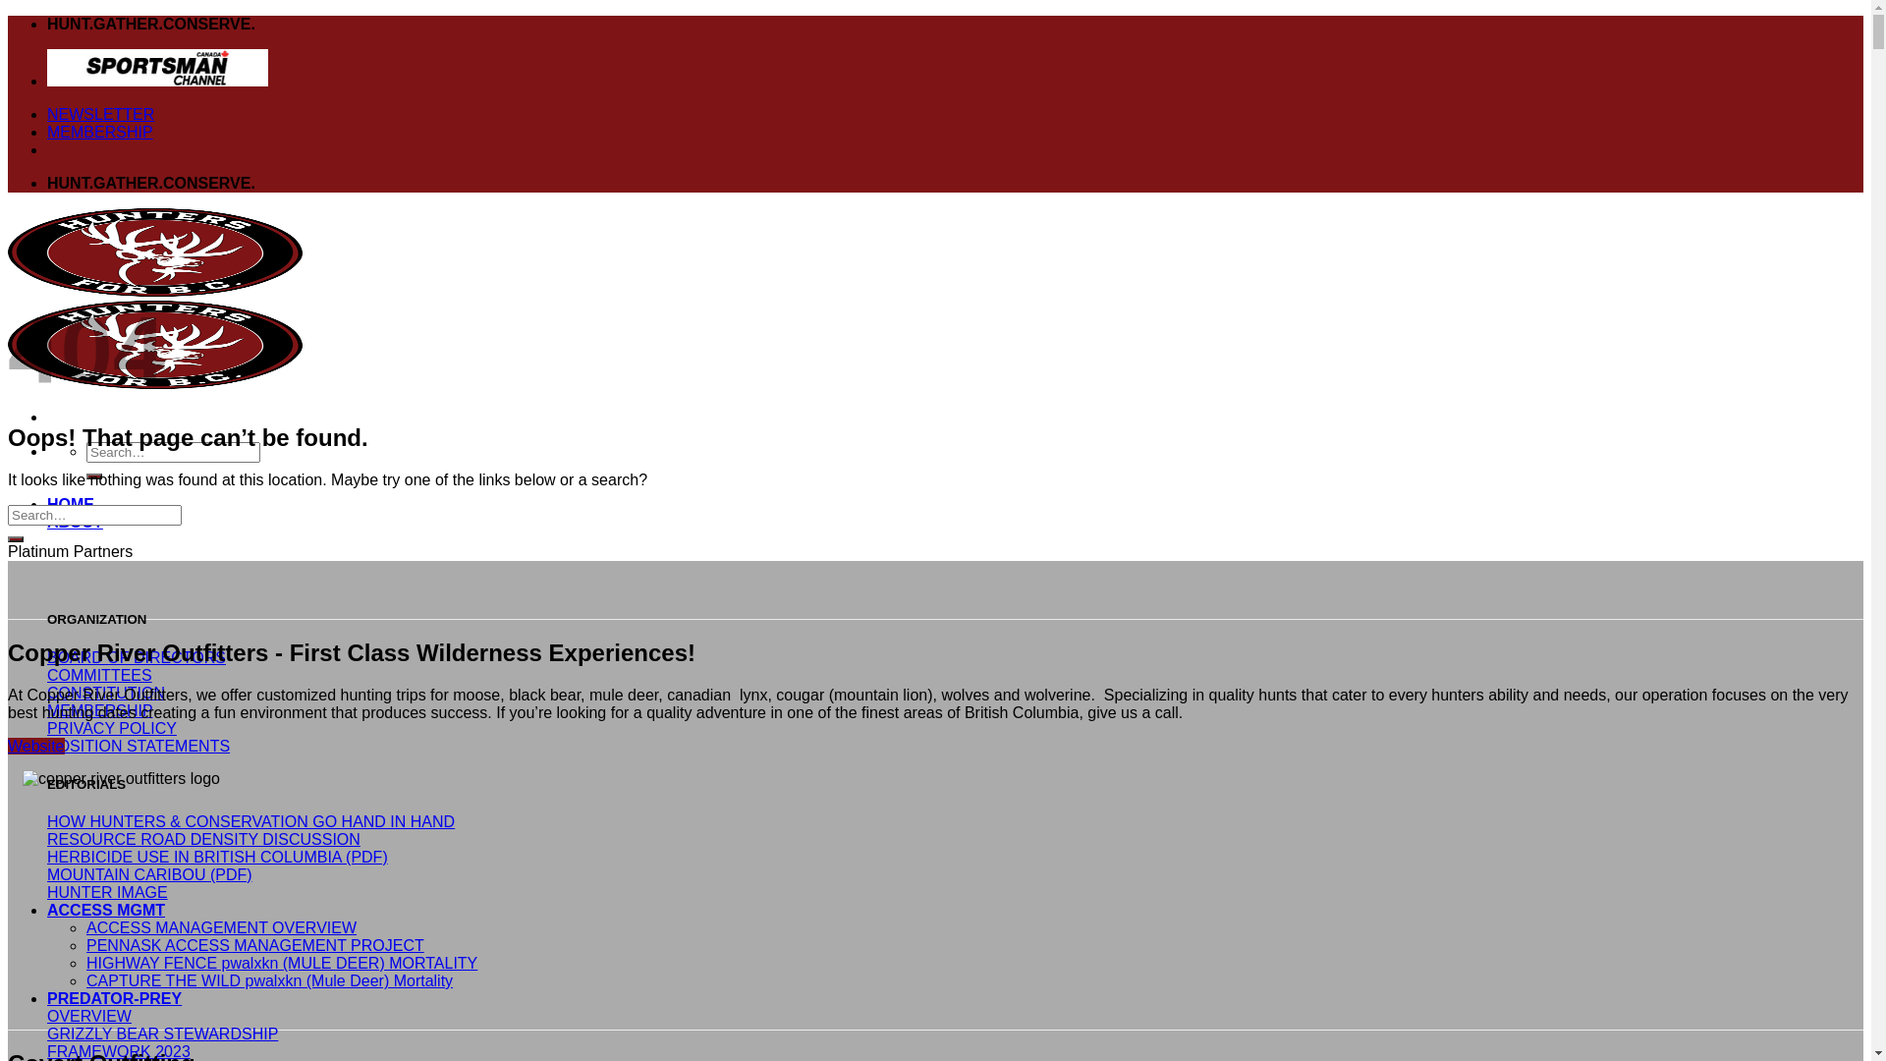 The image size is (1886, 1061). Describe the element at coordinates (104, 692) in the screenshot. I see `'CONSTITUTION'` at that location.